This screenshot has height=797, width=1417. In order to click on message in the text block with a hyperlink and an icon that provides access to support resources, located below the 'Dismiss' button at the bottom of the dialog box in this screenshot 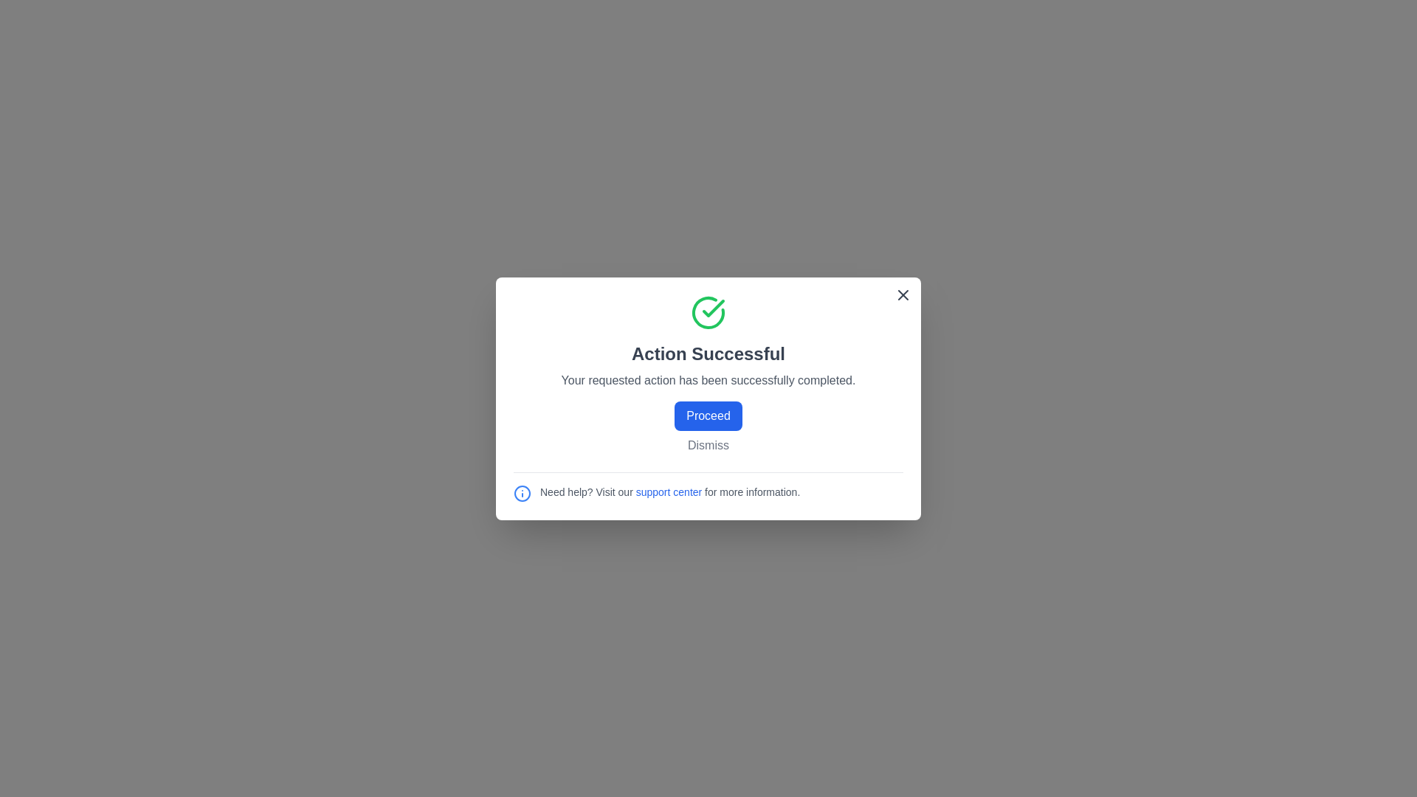, I will do `click(708, 486)`.